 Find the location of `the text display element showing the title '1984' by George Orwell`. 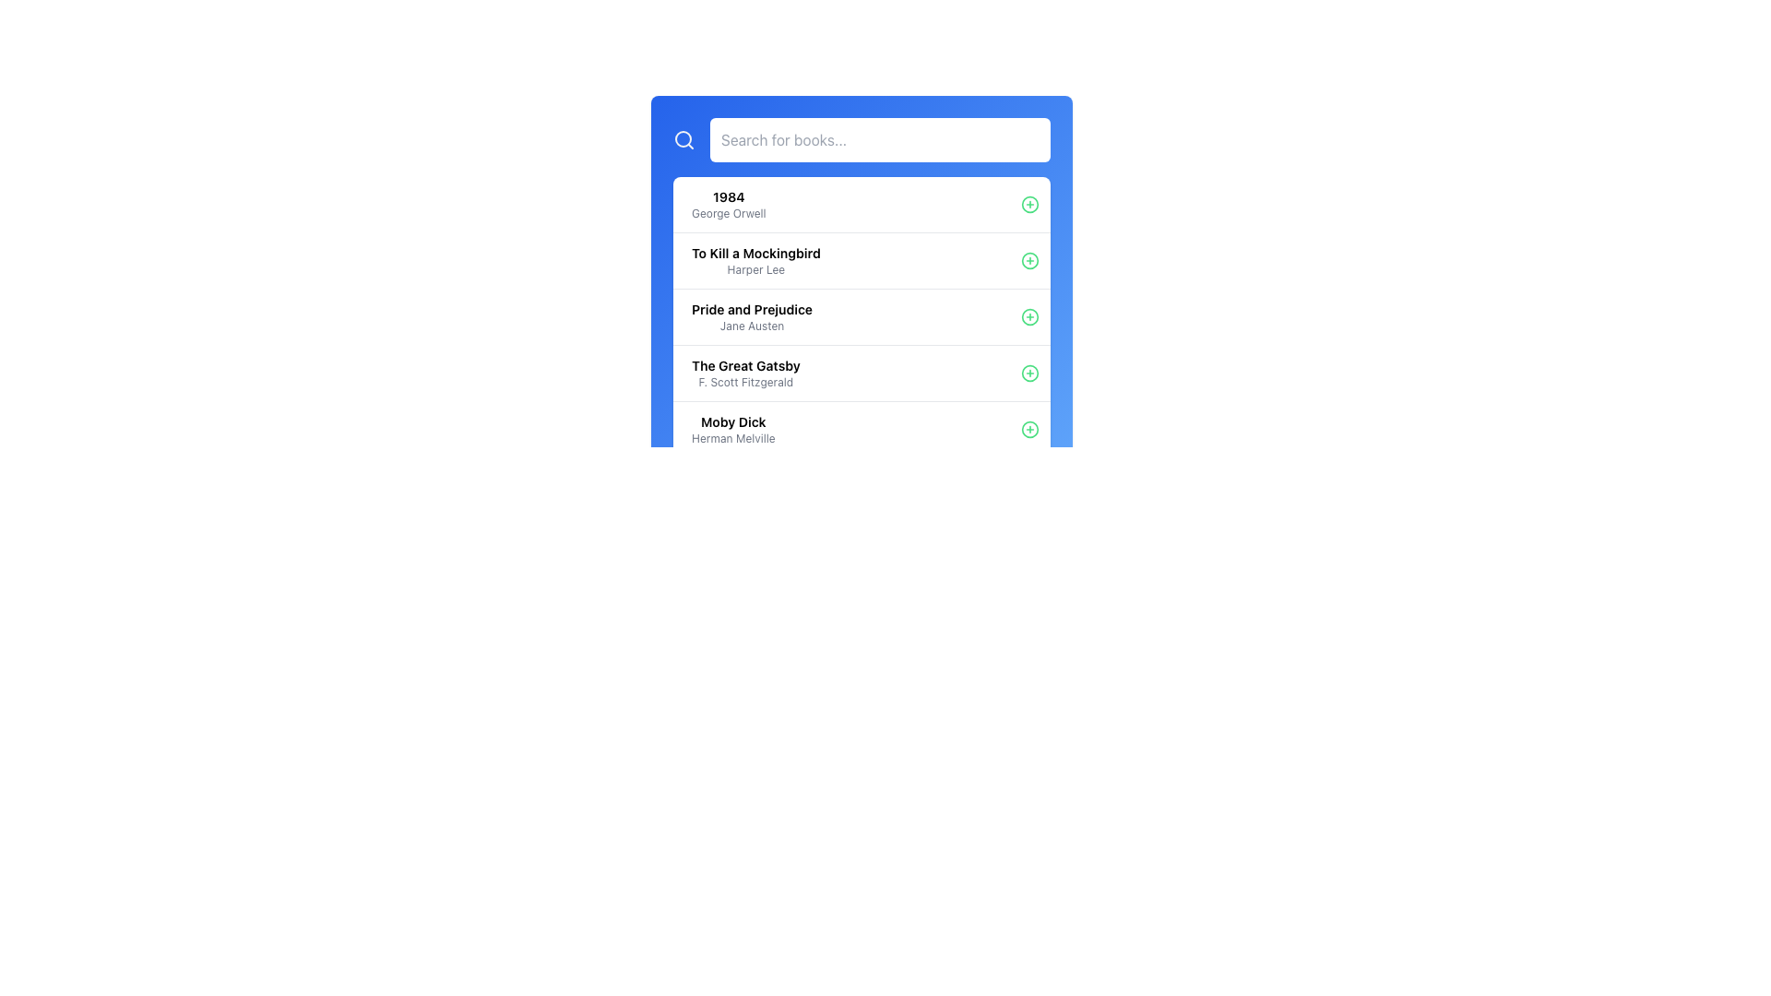

the text display element showing the title '1984' by George Orwell is located at coordinates (728, 205).